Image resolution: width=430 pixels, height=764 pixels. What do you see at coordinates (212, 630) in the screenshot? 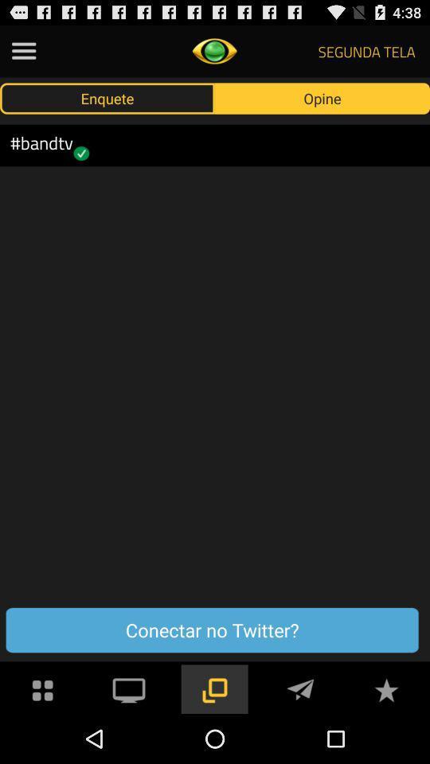
I see `the conectar no twitter? button` at bounding box center [212, 630].